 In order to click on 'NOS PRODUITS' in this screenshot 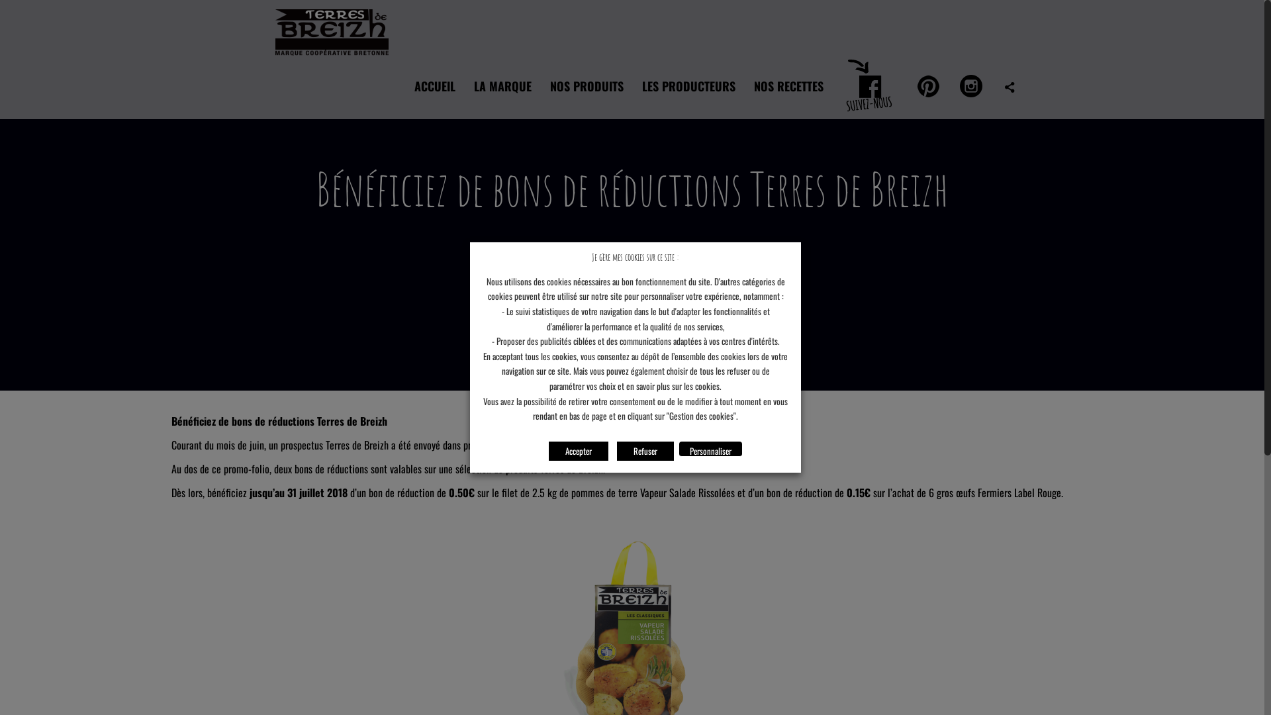, I will do `click(586, 86)`.